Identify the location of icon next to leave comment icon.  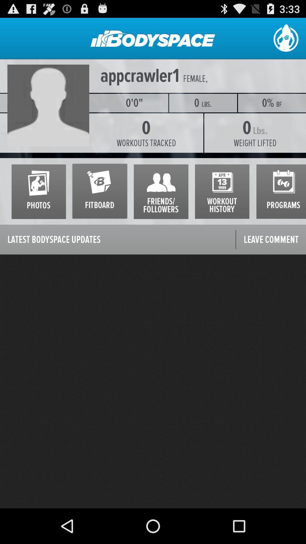
(118, 240).